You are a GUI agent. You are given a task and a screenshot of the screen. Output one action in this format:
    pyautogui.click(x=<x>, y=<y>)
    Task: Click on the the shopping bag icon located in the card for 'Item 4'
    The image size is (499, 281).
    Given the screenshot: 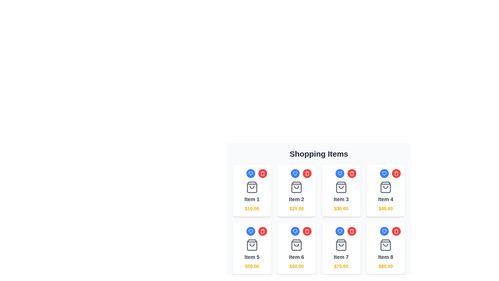 What is the action you would take?
    pyautogui.click(x=386, y=187)
    